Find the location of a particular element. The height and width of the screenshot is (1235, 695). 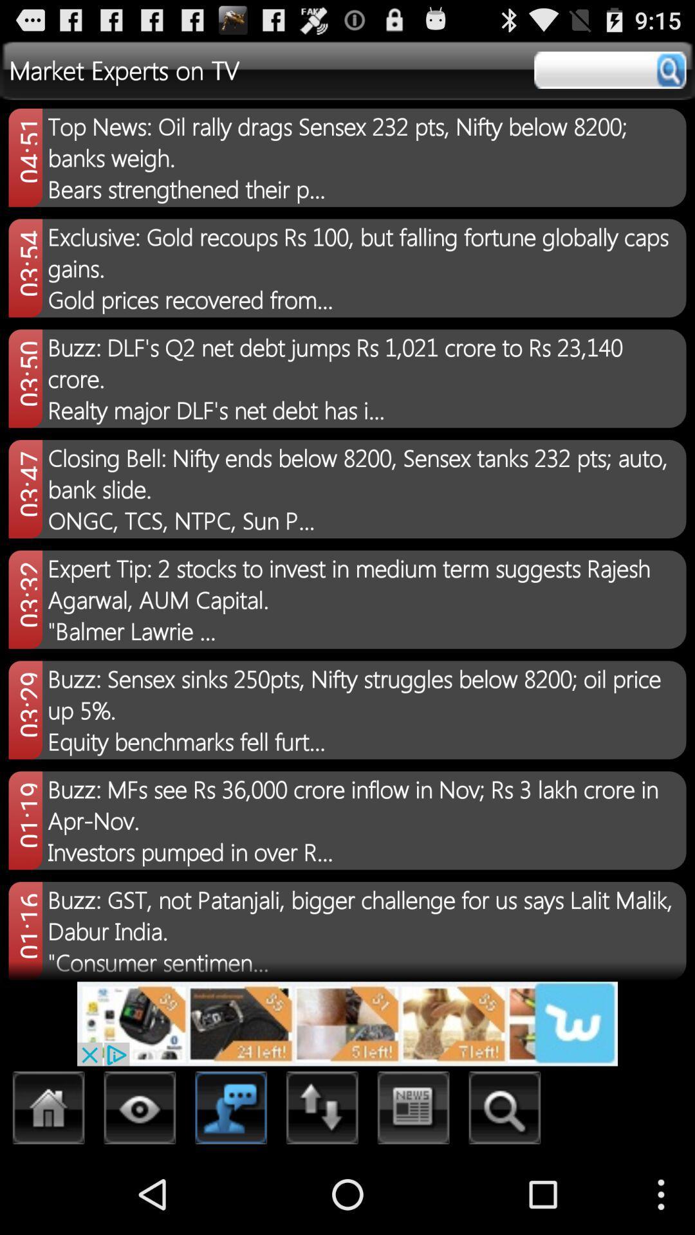

the visibility icon is located at coordinates (140, 1189).